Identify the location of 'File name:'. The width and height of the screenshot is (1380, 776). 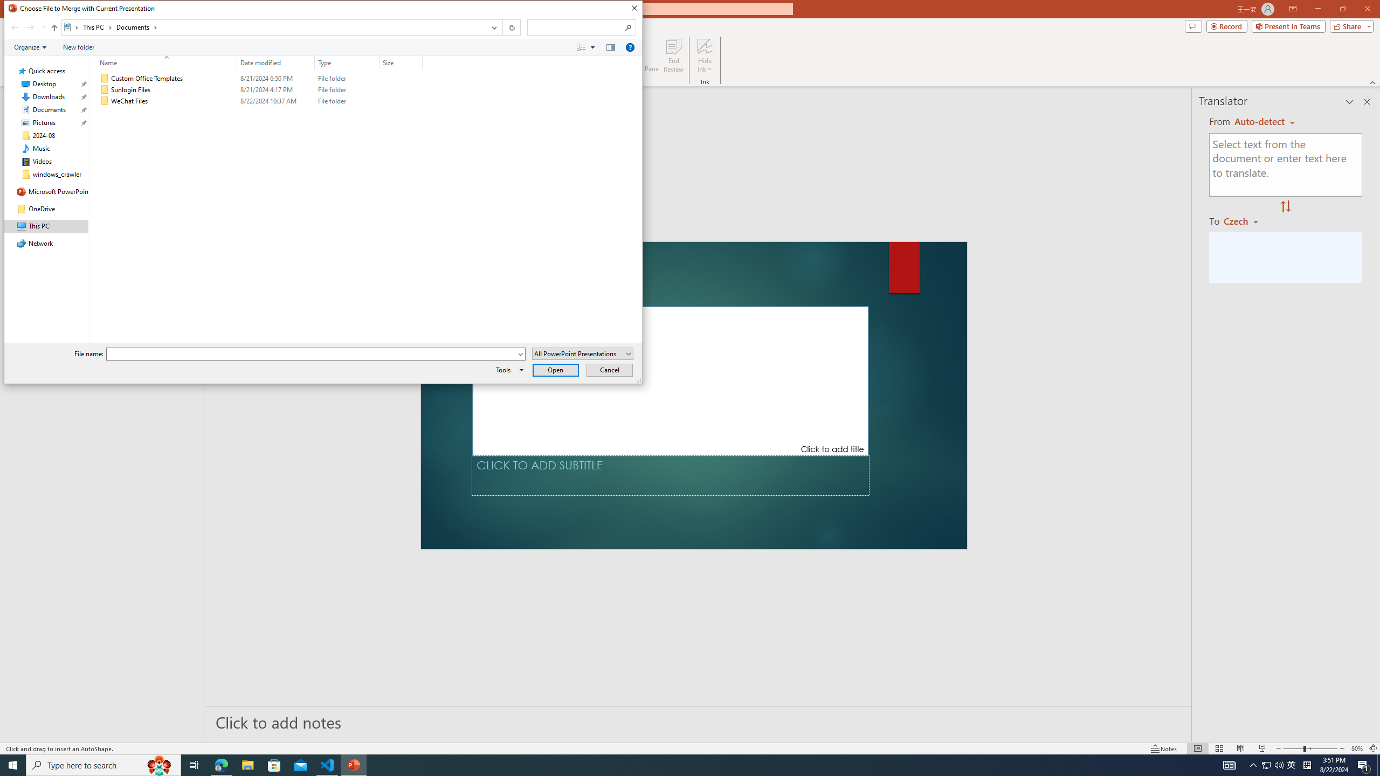
(312, 354).